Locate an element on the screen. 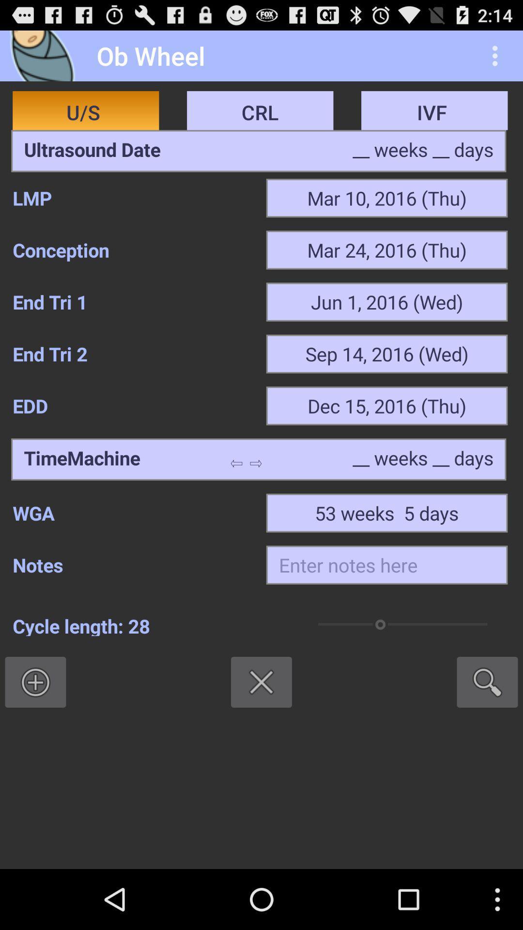  icon above notes icon is located at coordinates (133, 512).